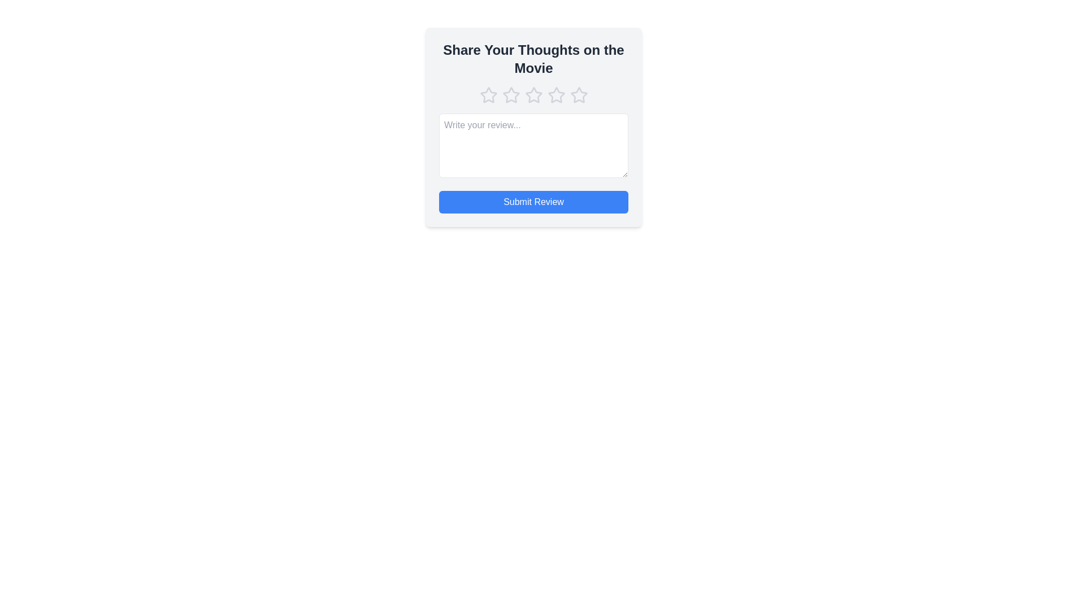  I want to click on the second star icon in the interactive rating component, so click(533, 94).